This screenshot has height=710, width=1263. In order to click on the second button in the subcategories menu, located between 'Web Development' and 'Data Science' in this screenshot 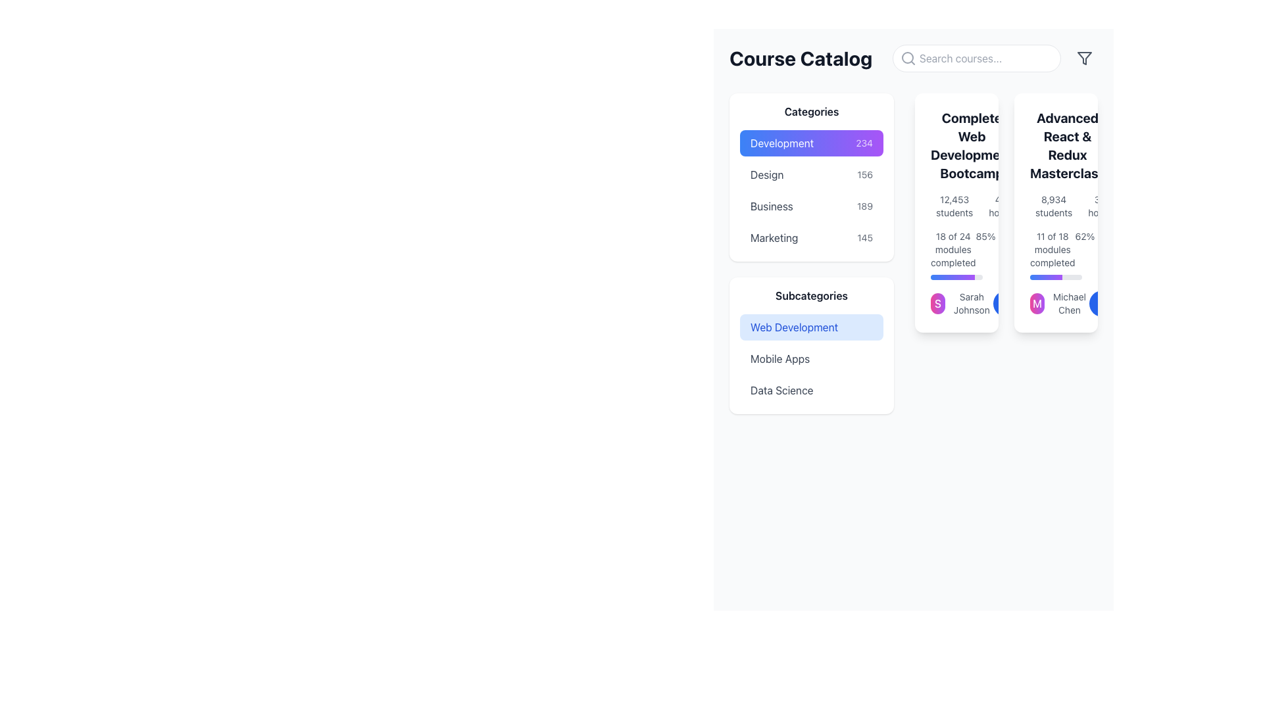, I will do `click(810, 359)`.